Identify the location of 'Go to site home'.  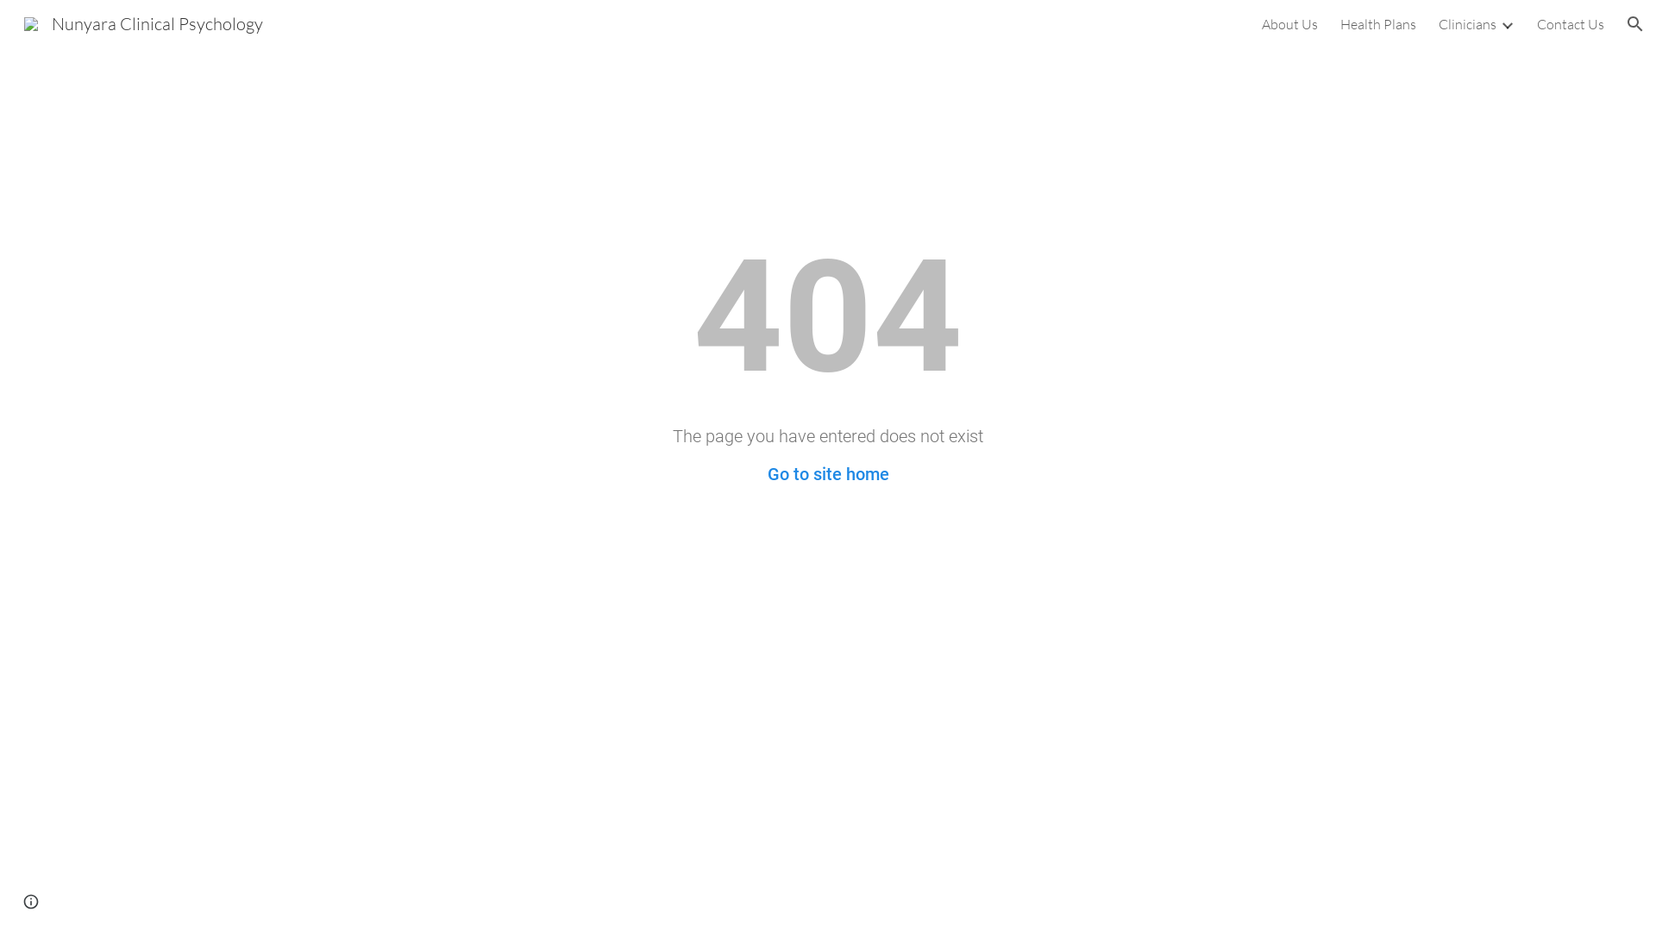
(828, 474).